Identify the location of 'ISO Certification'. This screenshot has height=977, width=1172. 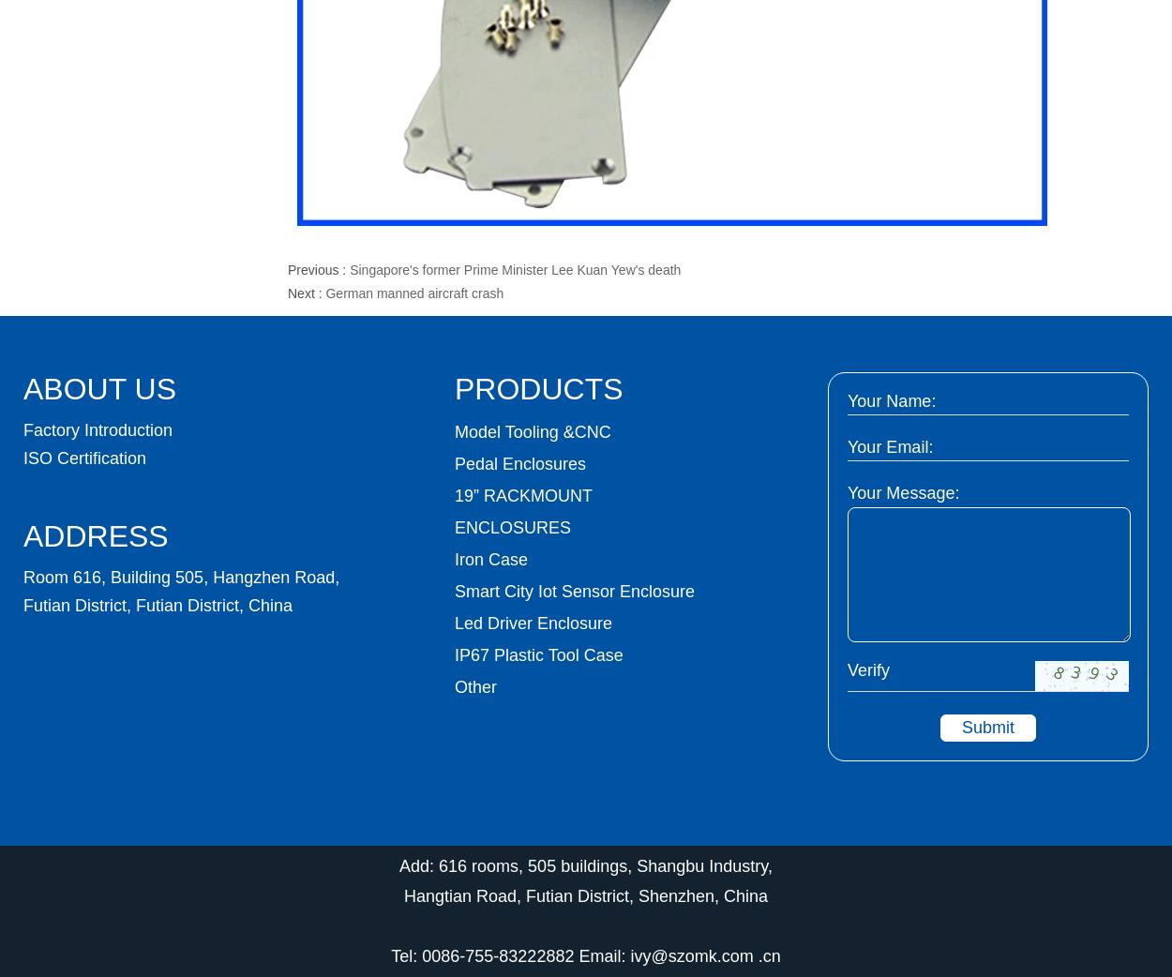
(23, 458).